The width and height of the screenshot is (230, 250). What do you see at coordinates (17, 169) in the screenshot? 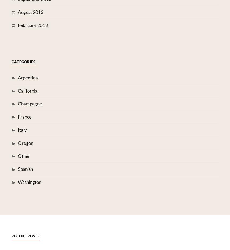
I see `'Spanish'` at bounding box center [17, 169].